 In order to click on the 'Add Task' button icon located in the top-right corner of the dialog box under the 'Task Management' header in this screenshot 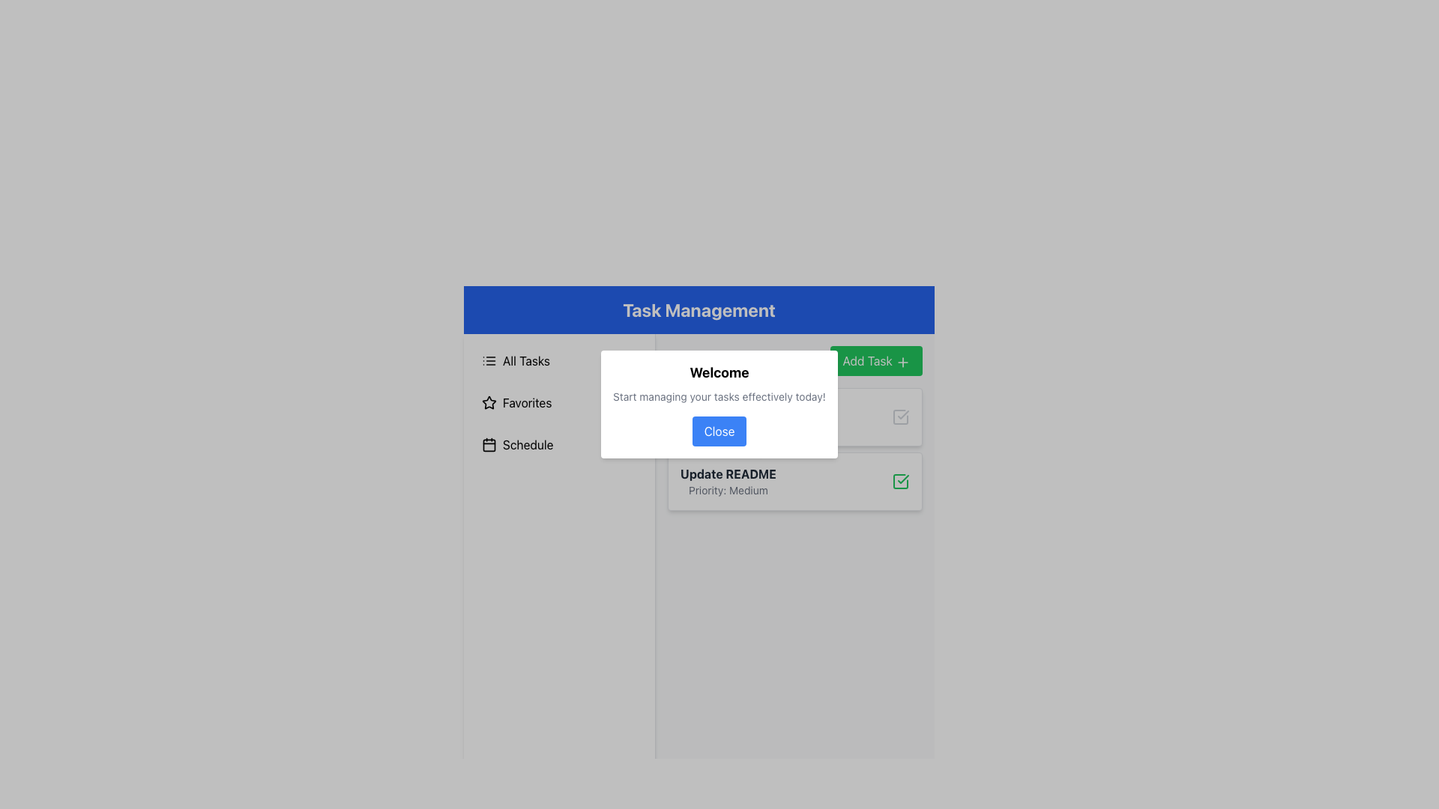, I will do `click(902, 361)`.